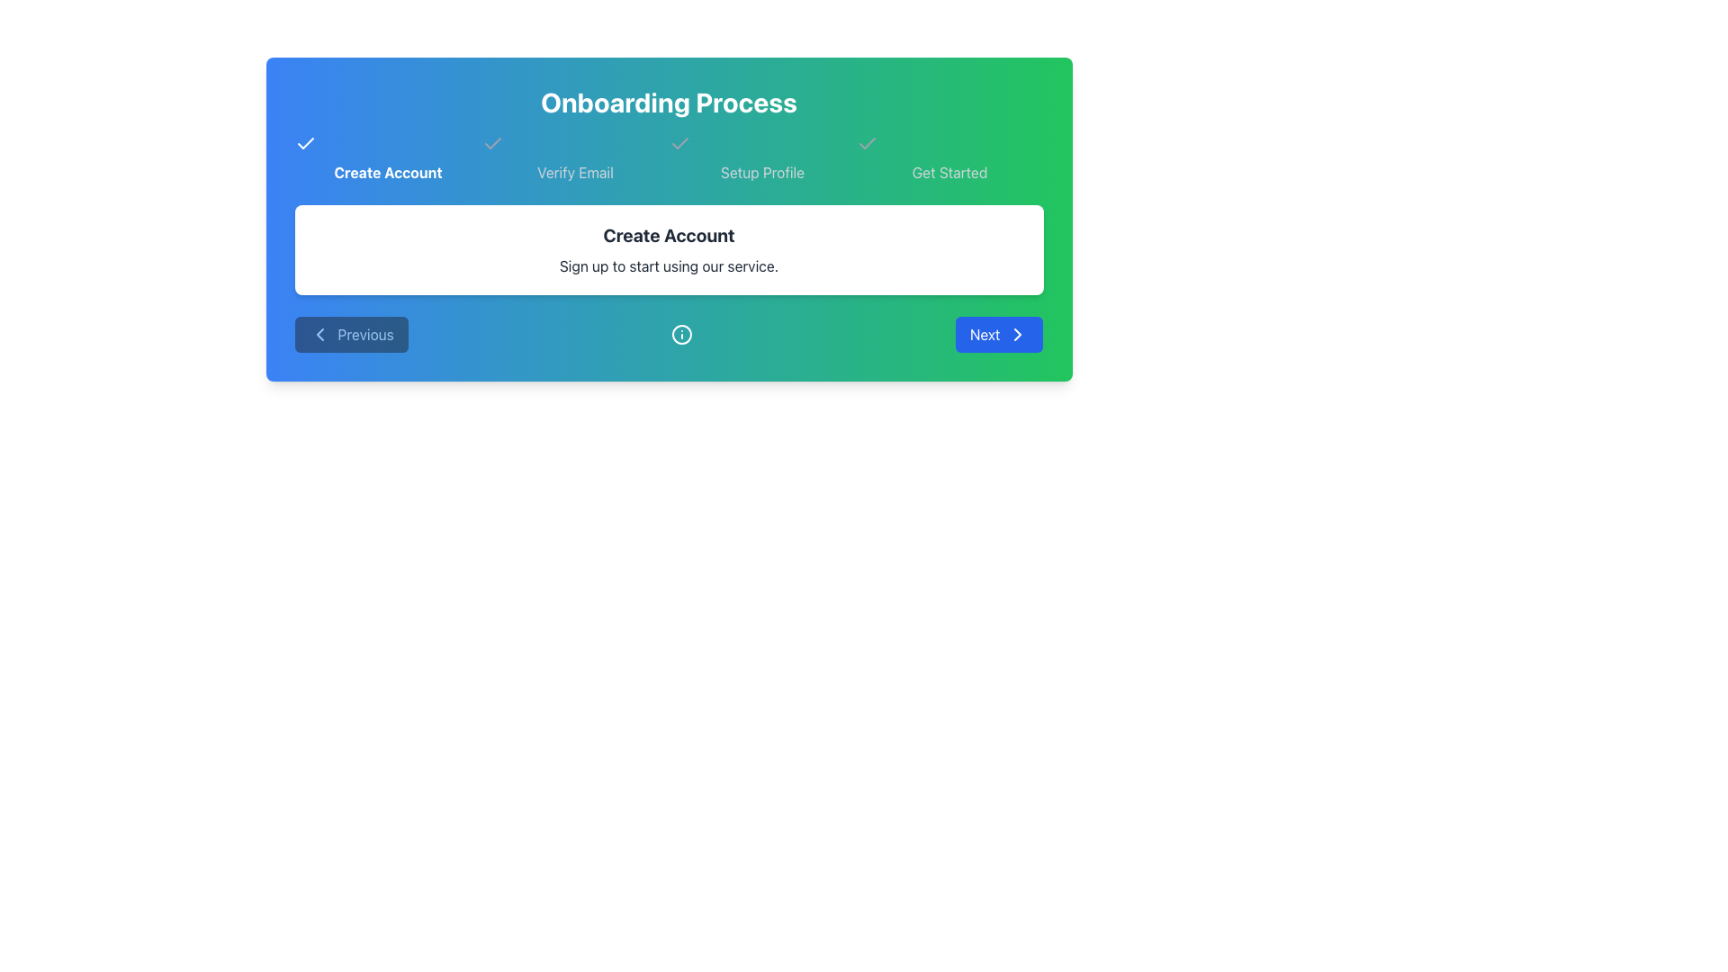  Describe the element at coordinates (387, 157) in the screenshot. I see `the 'Create Account' text label, which is the first item in the navigation bar with bold white text on a blue-green gradient background` at that location.